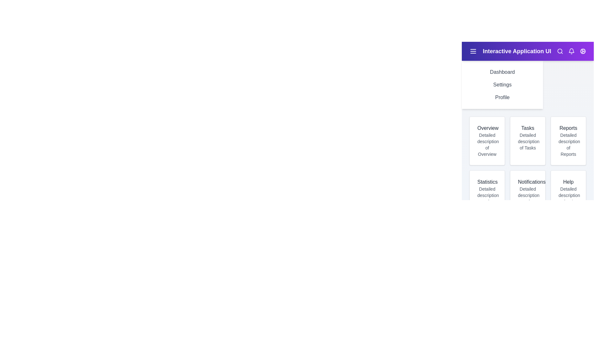 The width and height of the screenshot is (609, 342). Describe the element at coordinates (560, 51) in the screenshot. I see `the search icon to initiate the search functionality` at that location.